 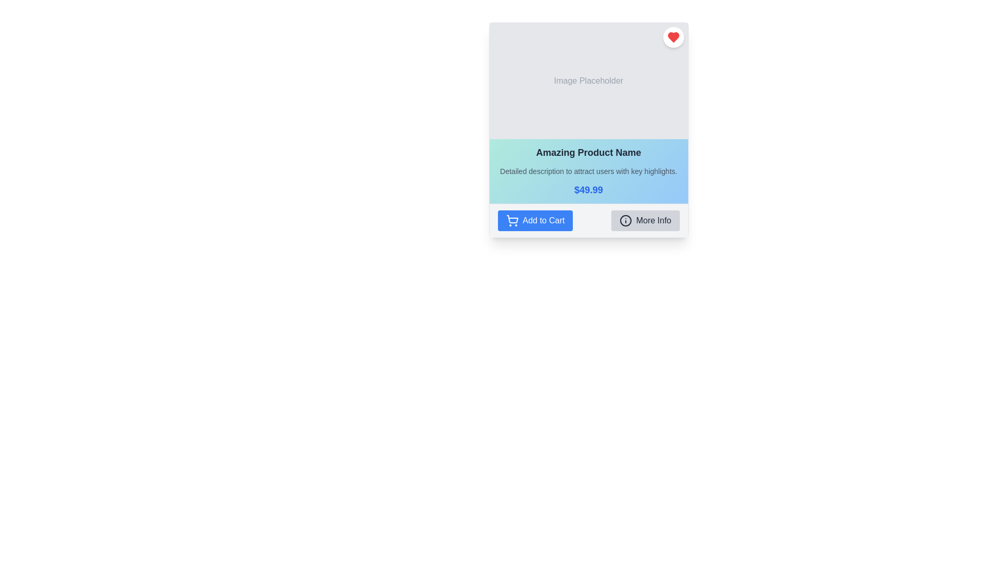 I want to click on the 'More Info' icon located to the left of the button label, which indicates additional information availability, so click(x=625, y=220).